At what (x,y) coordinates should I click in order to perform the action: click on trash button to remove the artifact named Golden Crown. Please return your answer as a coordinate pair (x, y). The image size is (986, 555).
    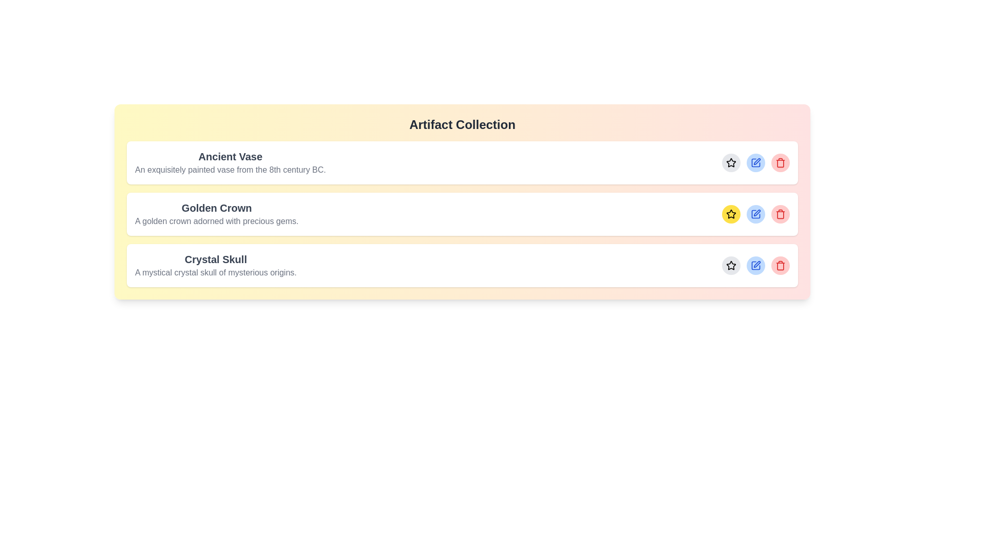
    Looking at the image, I should click on (781, 213).